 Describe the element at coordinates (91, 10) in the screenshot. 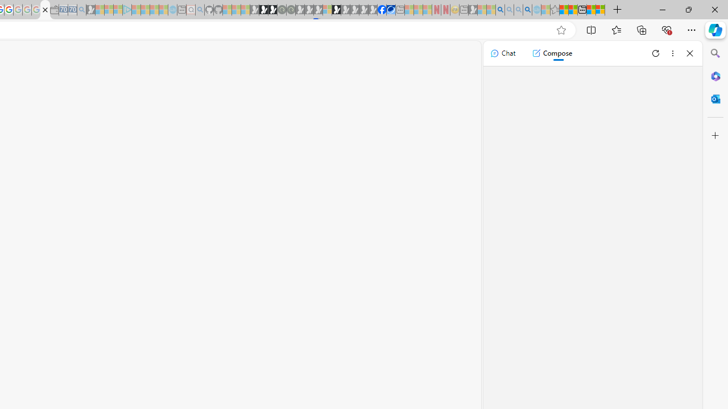

I see `'Microsoft Start Gaming - Sleeping'` at that location.